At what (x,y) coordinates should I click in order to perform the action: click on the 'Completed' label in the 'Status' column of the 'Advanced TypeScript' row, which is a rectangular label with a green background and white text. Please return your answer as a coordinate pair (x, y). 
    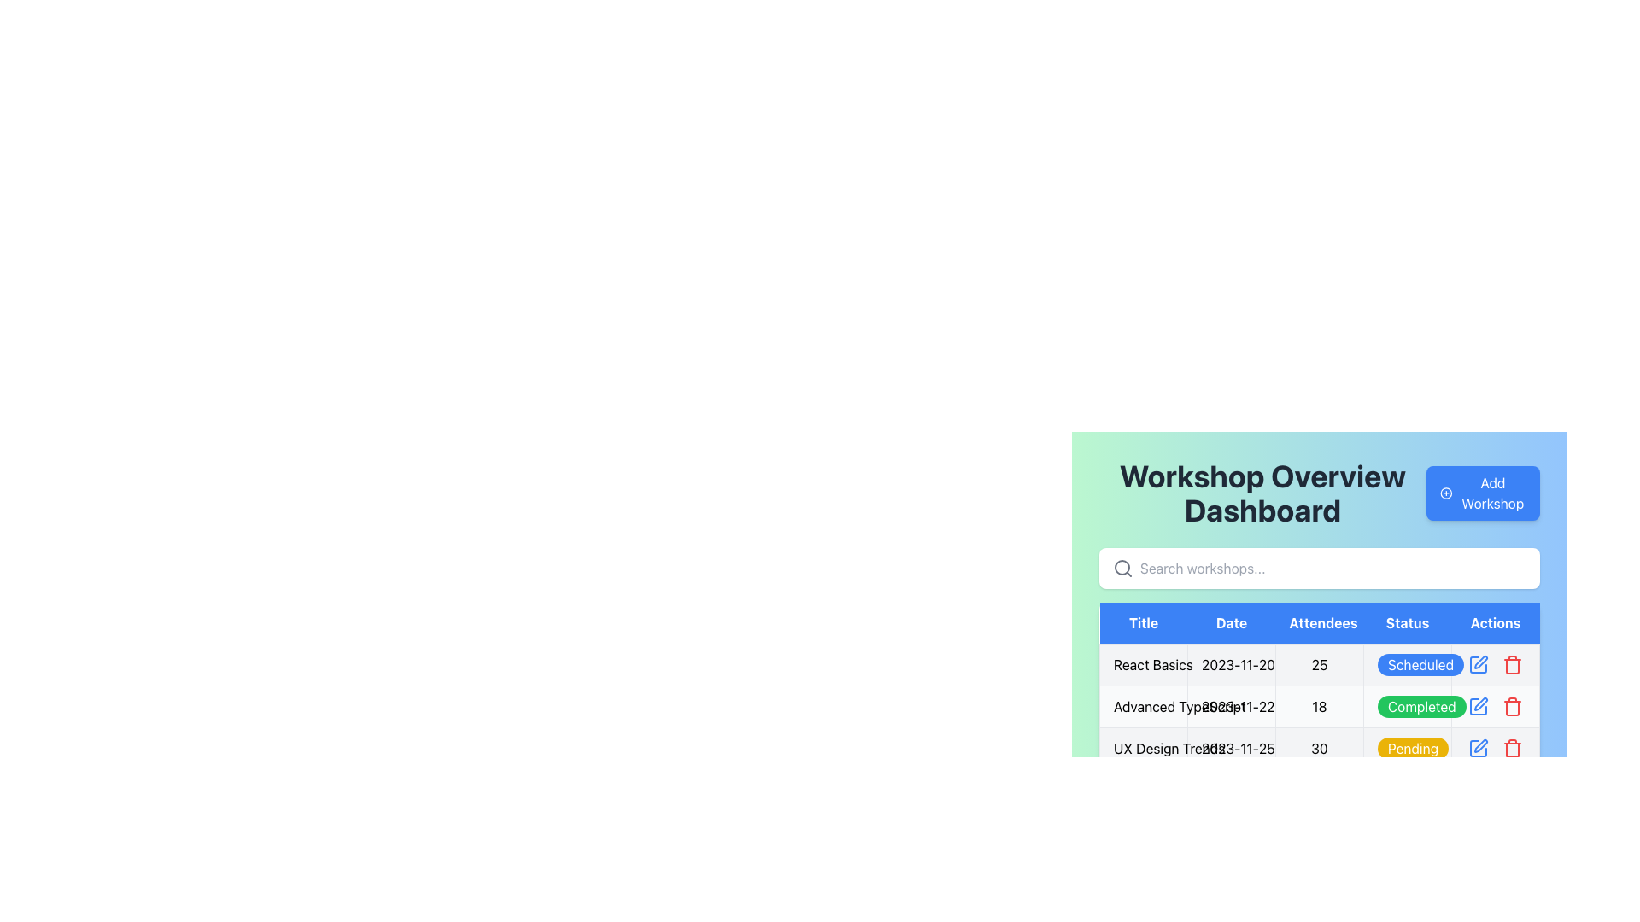
    Looking at the image, I should click on (1407, 707).